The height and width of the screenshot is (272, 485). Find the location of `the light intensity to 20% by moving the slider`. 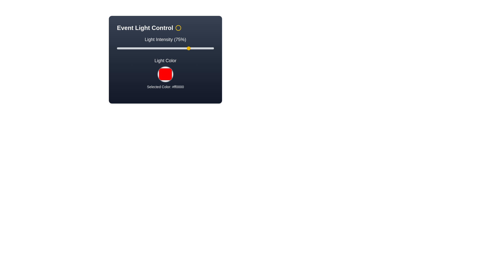

the light intensity to 20% by moving the slider is located at coordinates (136, 48).